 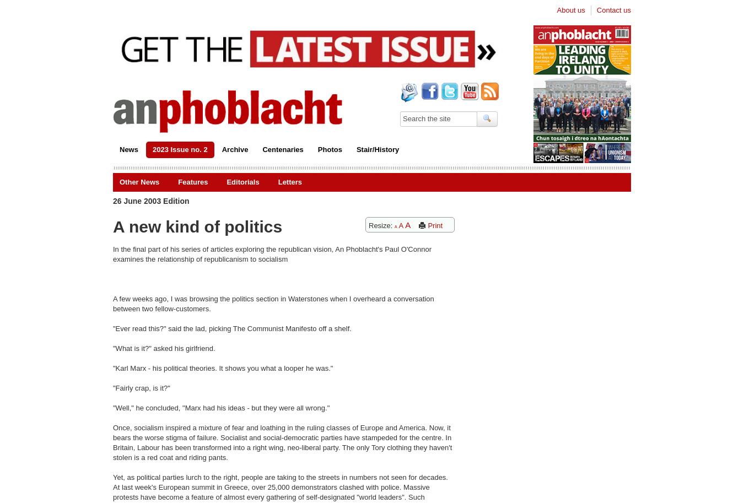 I want to click on '"Fairly crap, is it?"', so click(x=113, y=388).